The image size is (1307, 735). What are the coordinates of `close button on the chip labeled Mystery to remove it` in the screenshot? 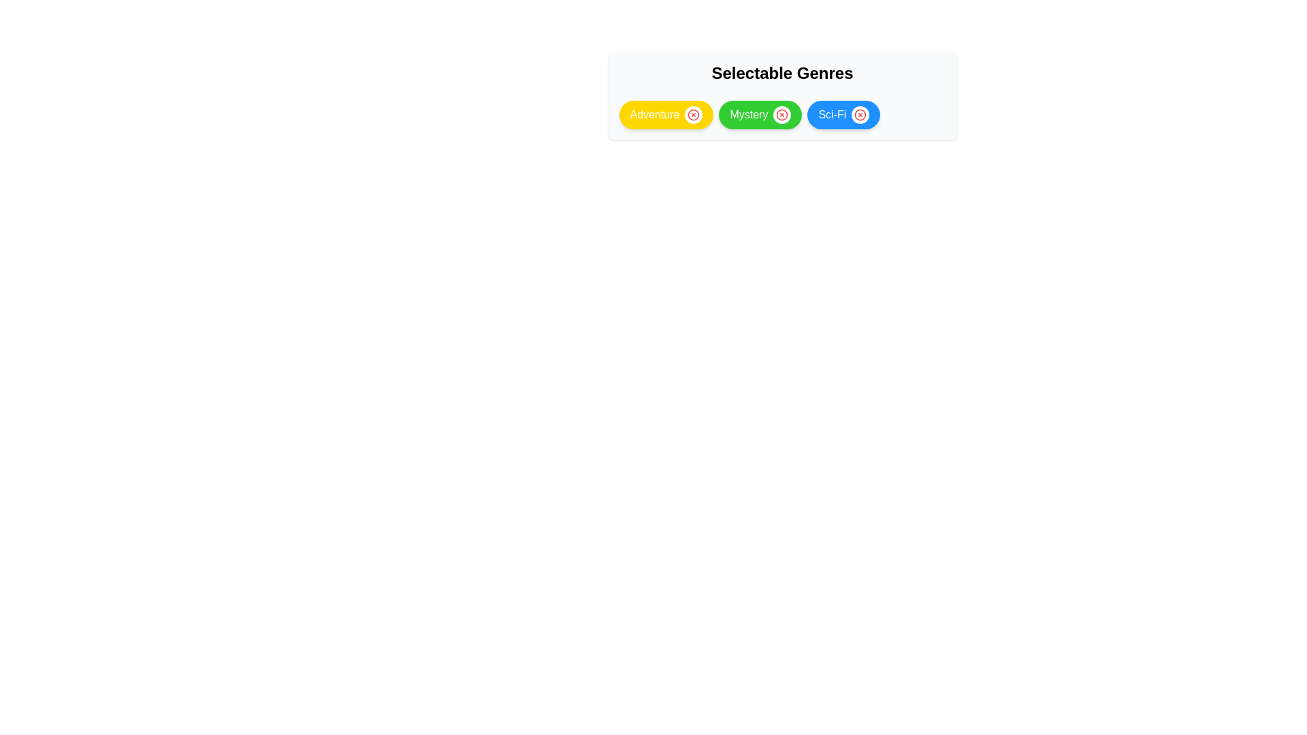 It's located at (782, 114).